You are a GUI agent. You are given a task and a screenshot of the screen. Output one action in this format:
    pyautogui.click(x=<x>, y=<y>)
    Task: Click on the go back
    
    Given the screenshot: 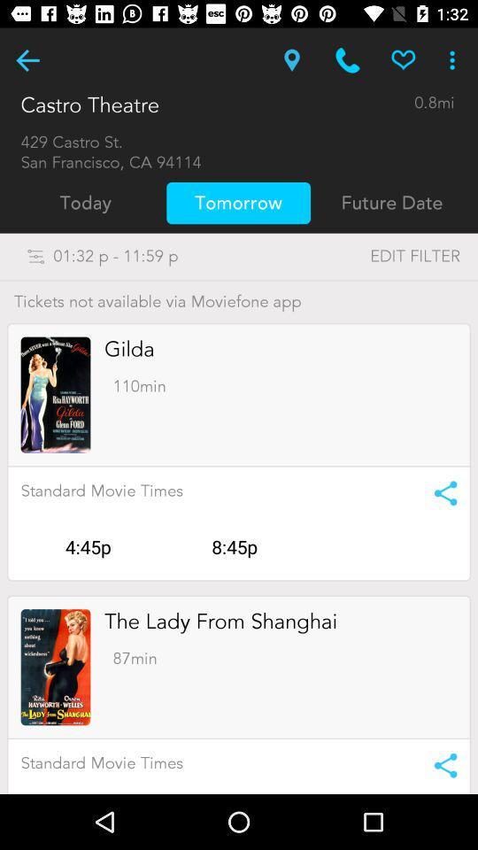 What is the action you would take?
    pyautogui.click(x=27, y=60)
    